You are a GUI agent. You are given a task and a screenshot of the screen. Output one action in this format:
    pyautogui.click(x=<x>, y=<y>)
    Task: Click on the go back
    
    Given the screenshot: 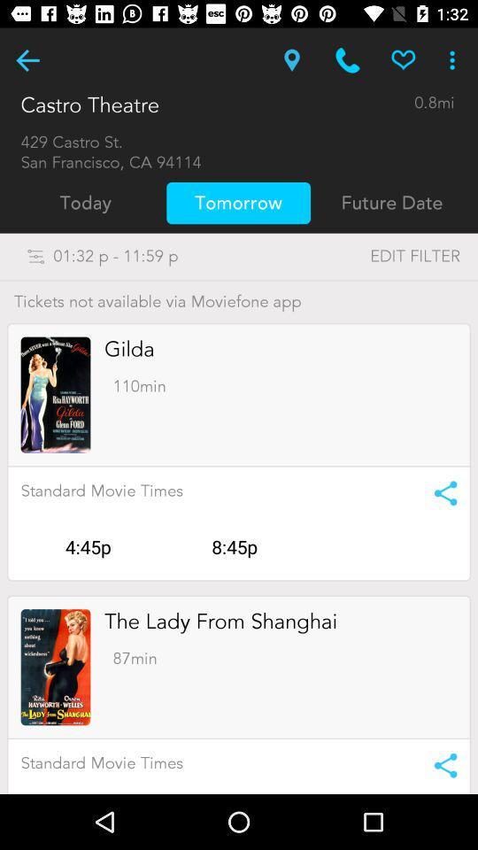 What is the action you would take?
    pyautogui.click(x=27, y=60)
    